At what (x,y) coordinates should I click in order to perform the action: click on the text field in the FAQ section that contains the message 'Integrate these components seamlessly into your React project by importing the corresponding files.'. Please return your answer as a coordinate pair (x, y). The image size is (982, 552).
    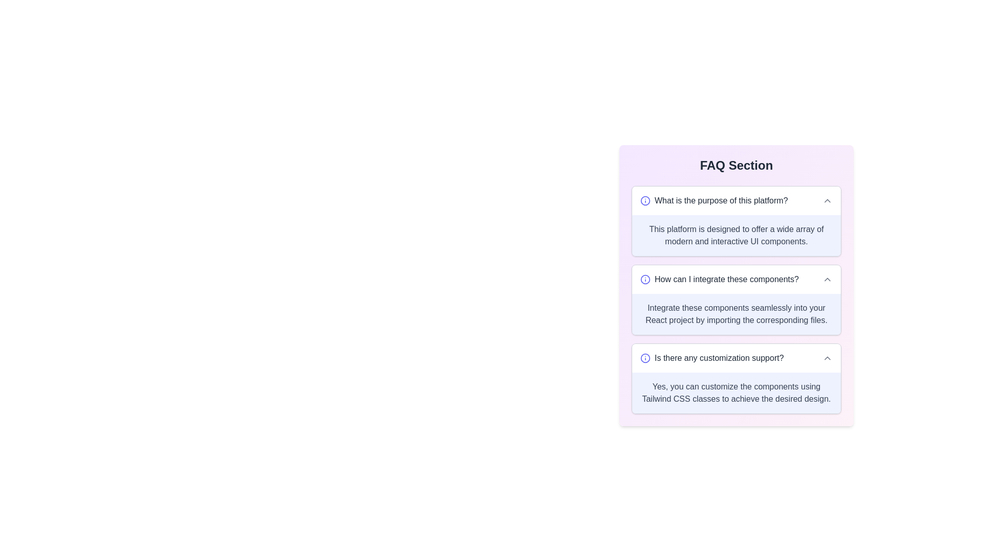
    Looking at the image, I should click on (736, 313).